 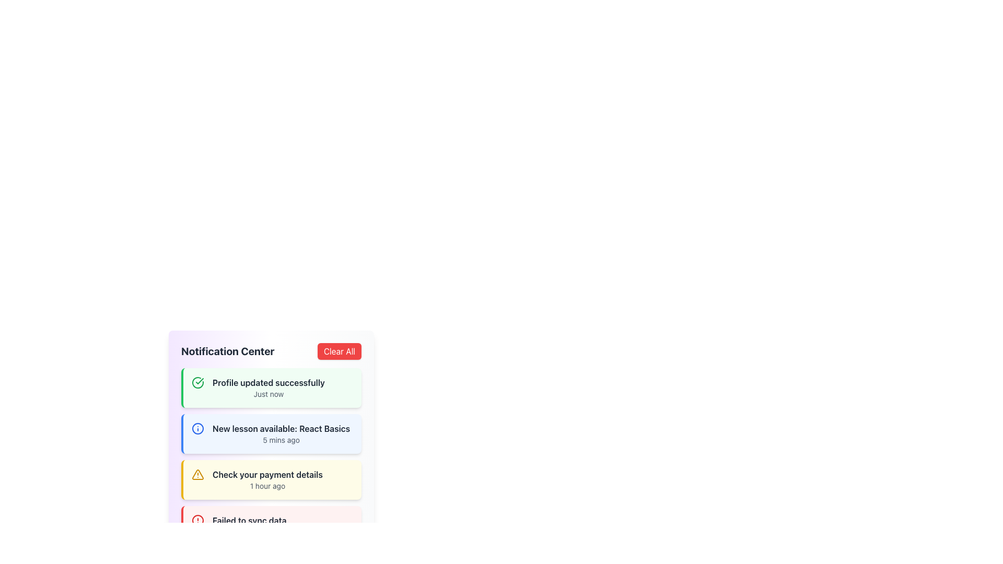 I want to click on notification title 'Profile updated successfully' from the topmost card in the Notification Center, which is styled with a bold font and dark gray color, indicating a successful action, so click(x=269, y=382).